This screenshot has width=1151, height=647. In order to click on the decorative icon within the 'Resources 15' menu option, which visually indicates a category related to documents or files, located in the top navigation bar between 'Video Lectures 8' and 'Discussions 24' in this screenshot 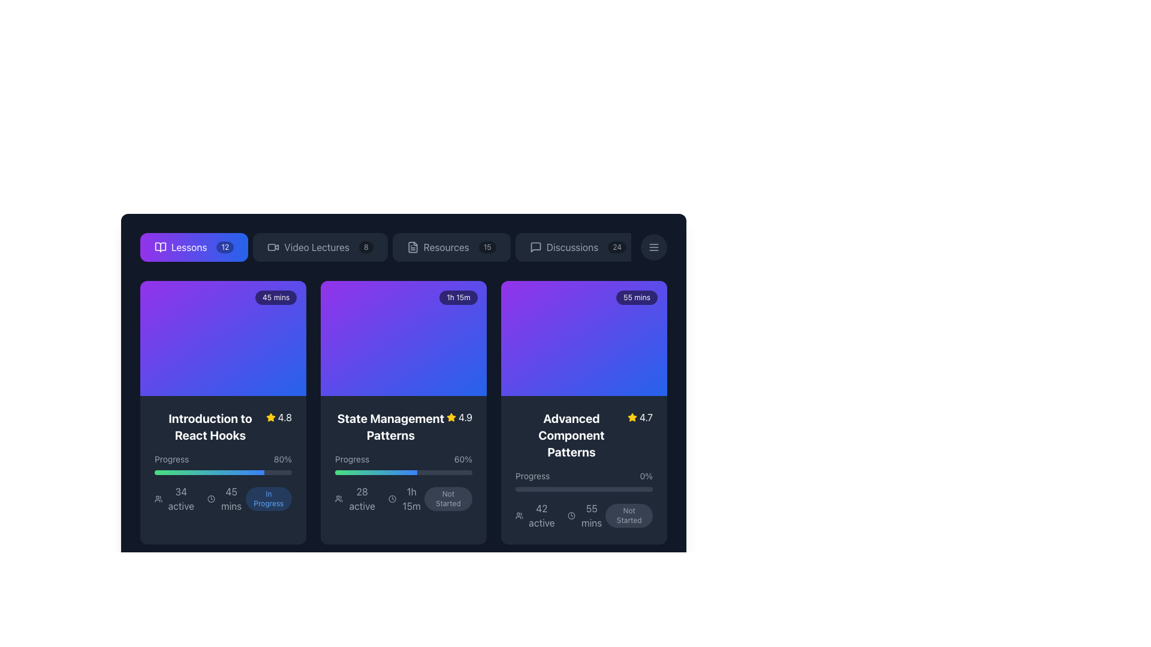, I will do `click(412, 246)`.